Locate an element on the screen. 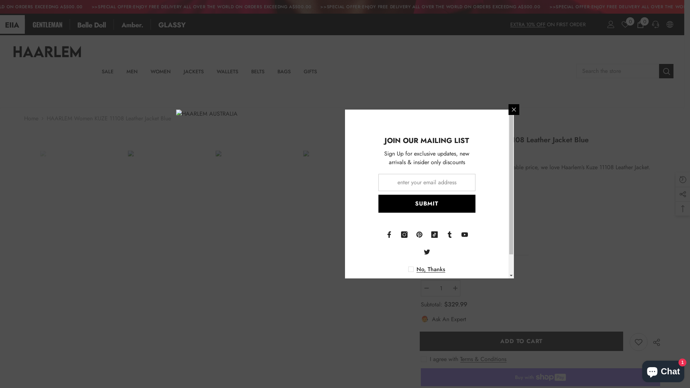 The height and width of the screenshot is (388, 690). 'GIFTS' is located at coordinates (310, 74).